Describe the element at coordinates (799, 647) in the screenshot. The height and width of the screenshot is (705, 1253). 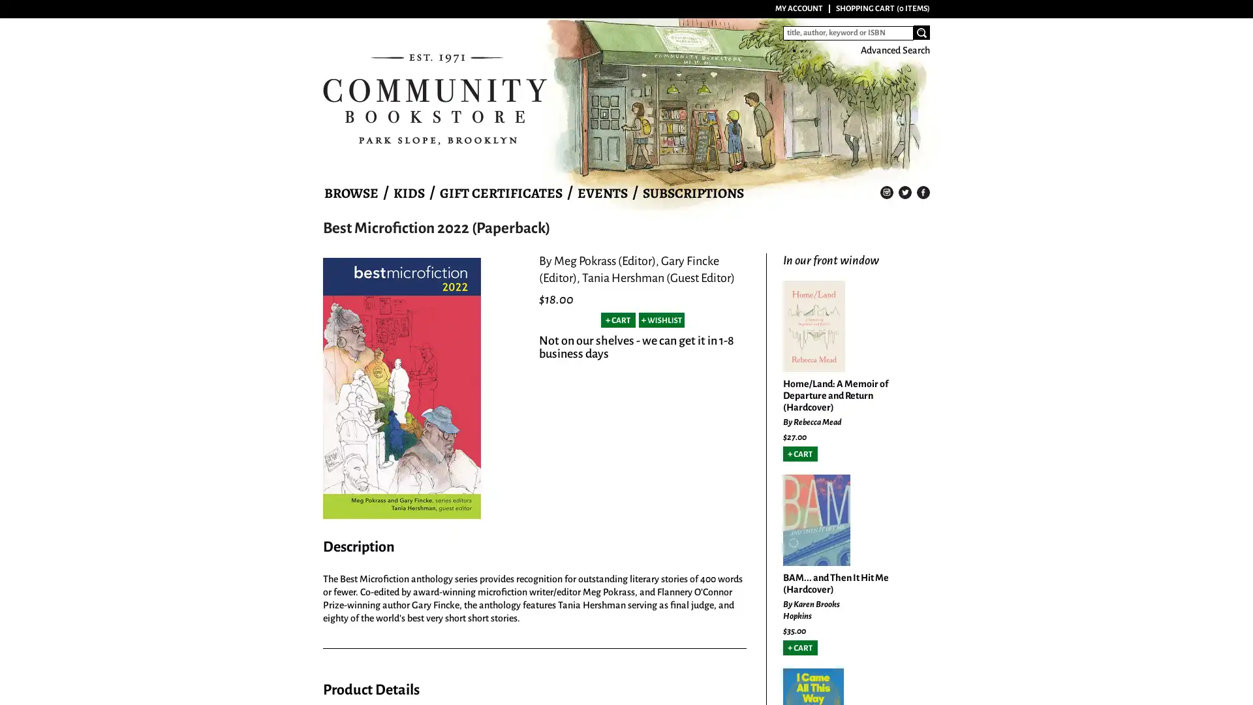
I see `Add to Cart` at that location.